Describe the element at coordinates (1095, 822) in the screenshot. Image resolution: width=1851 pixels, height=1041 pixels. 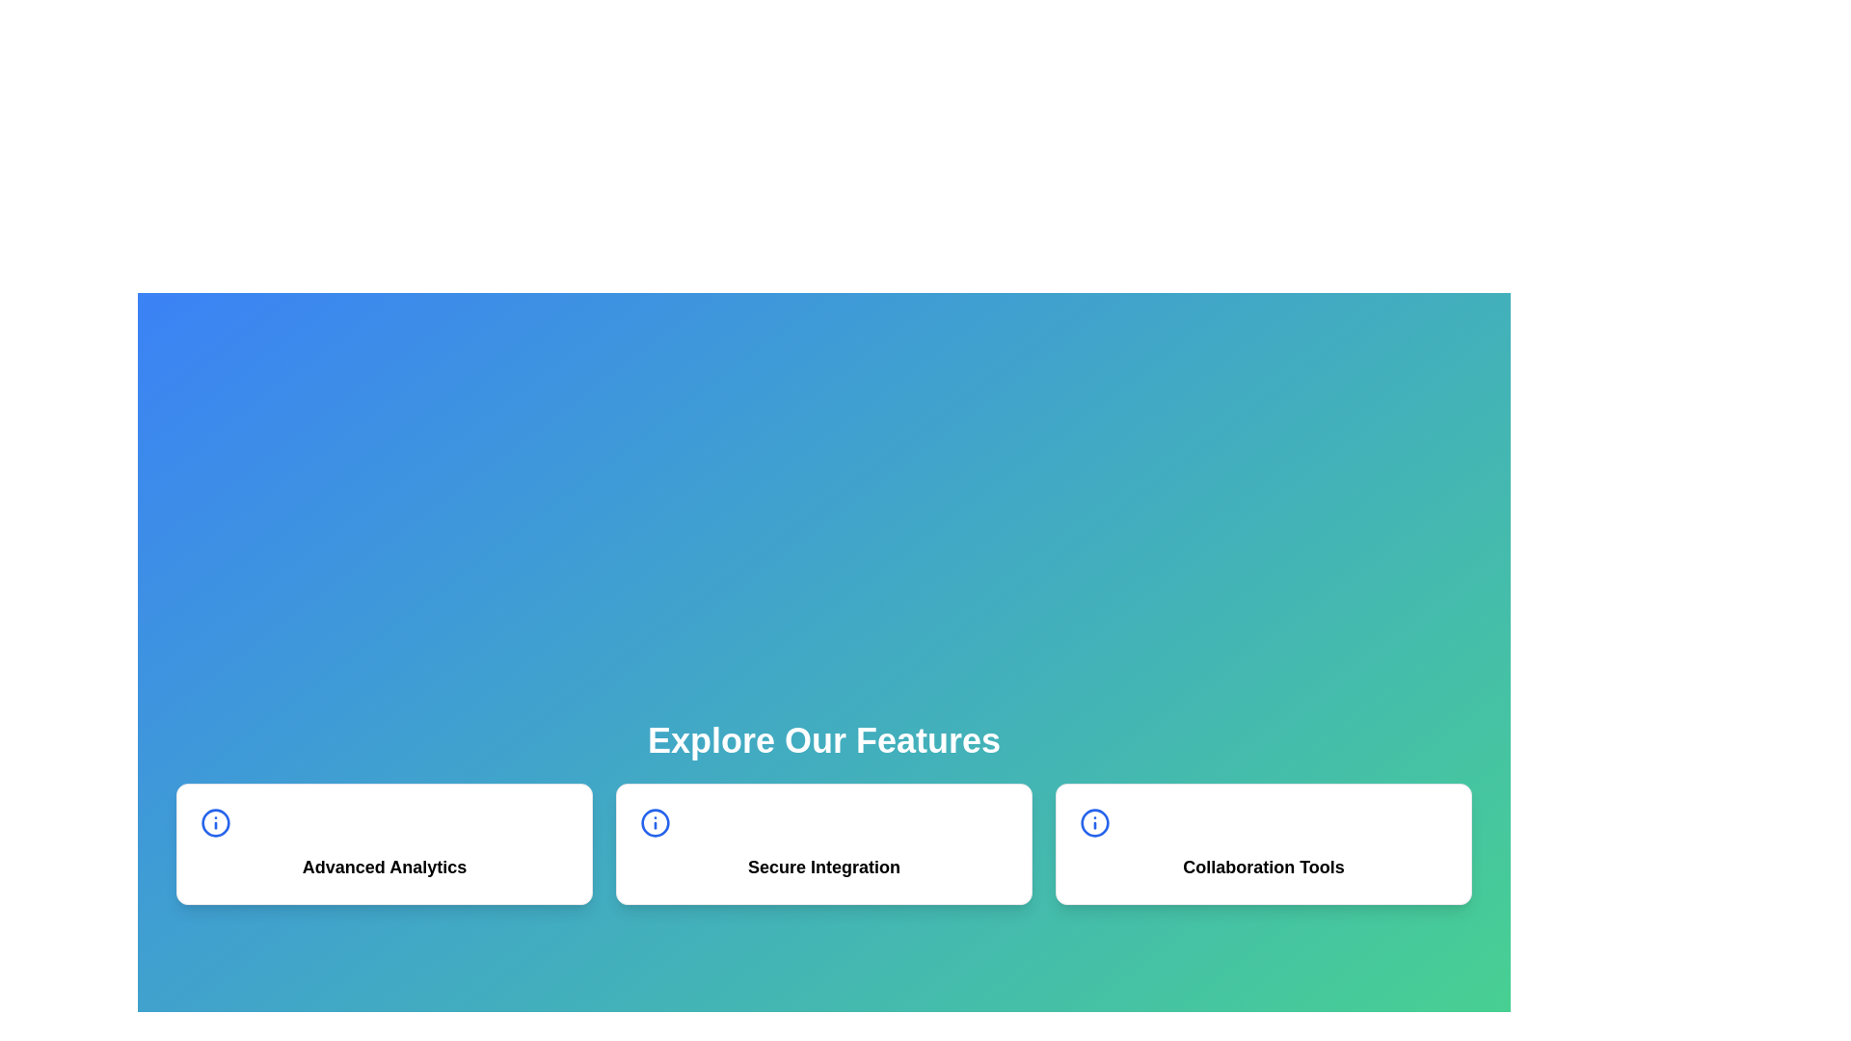
I see `the information icon with a blue circular outline and a lowercase 'i' inside, located at the top-left corner of the 'Collaboration Tools' card` at that location.